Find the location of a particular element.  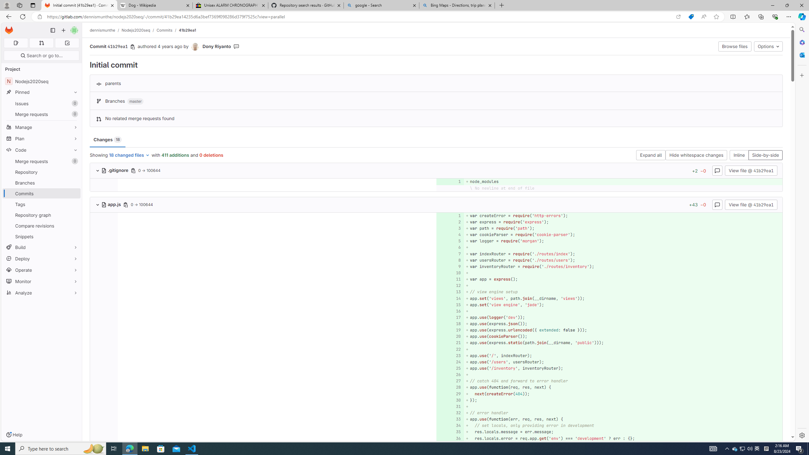

'Add a comment to this line 14' is located at coordinates (450, 298).